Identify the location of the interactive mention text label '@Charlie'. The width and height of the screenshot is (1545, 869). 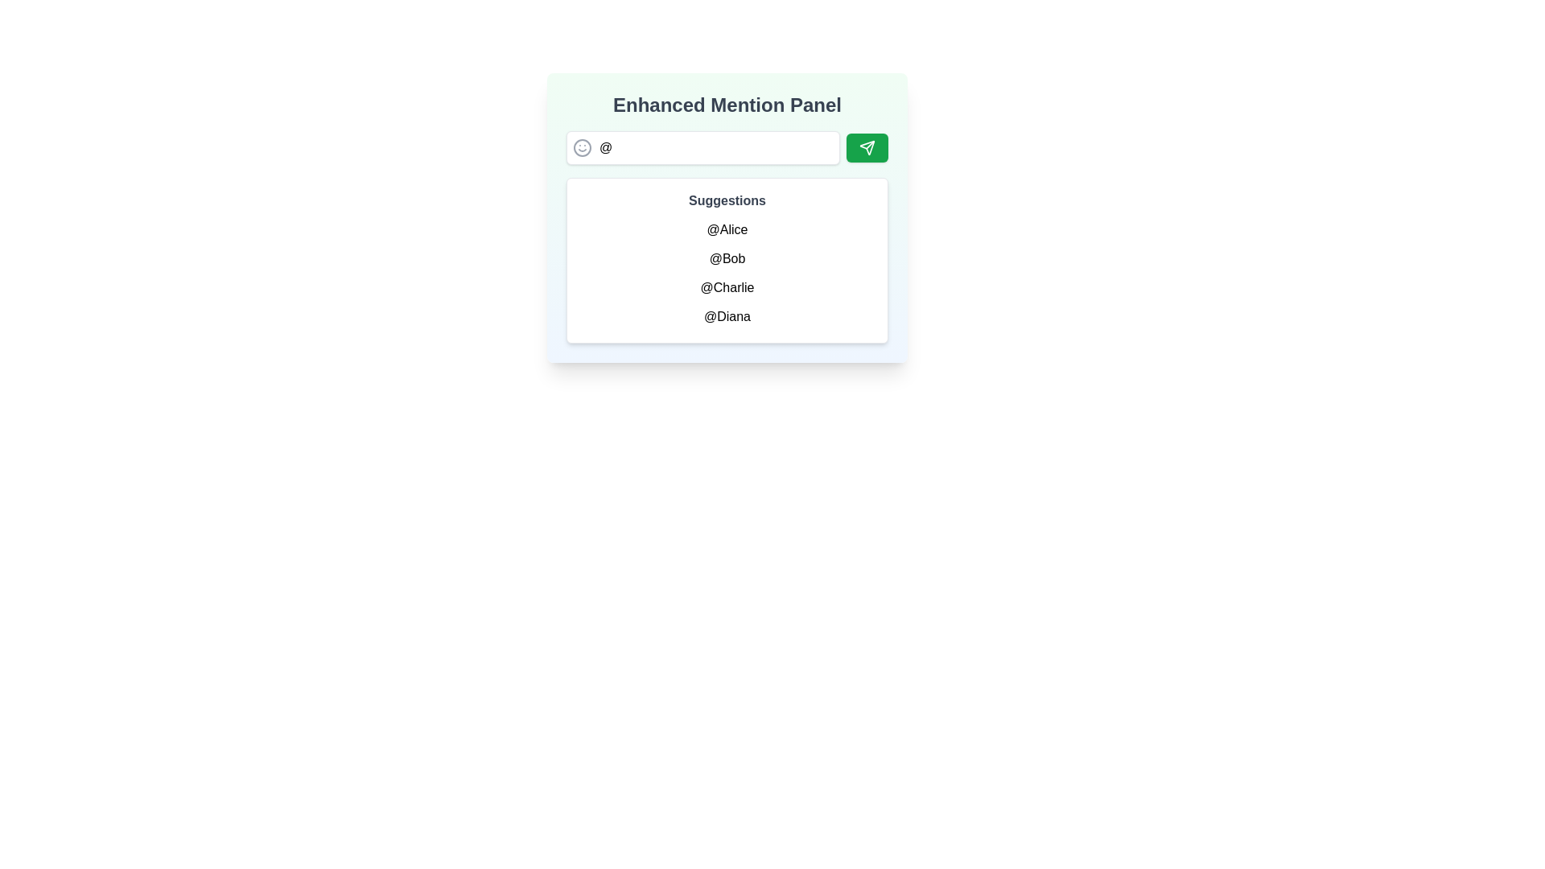
(726, 287).